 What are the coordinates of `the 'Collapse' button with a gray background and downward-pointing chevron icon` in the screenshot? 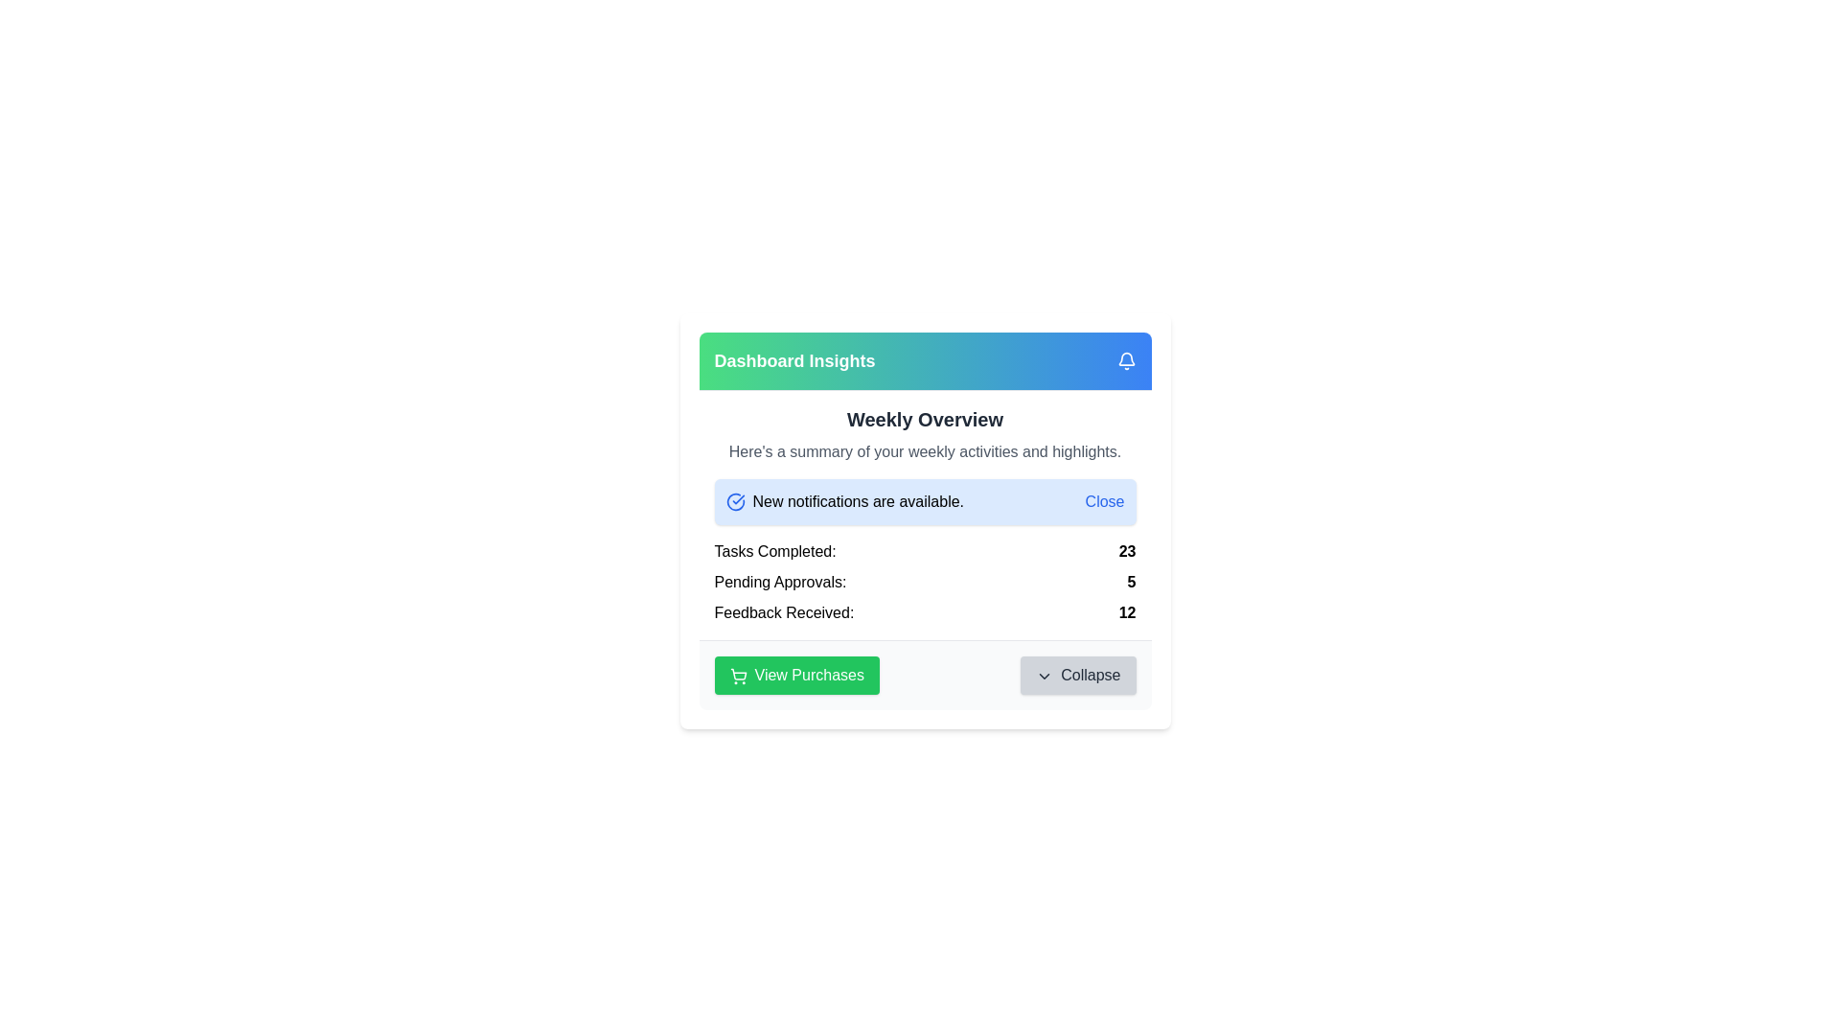 It's located at (1078, 675).